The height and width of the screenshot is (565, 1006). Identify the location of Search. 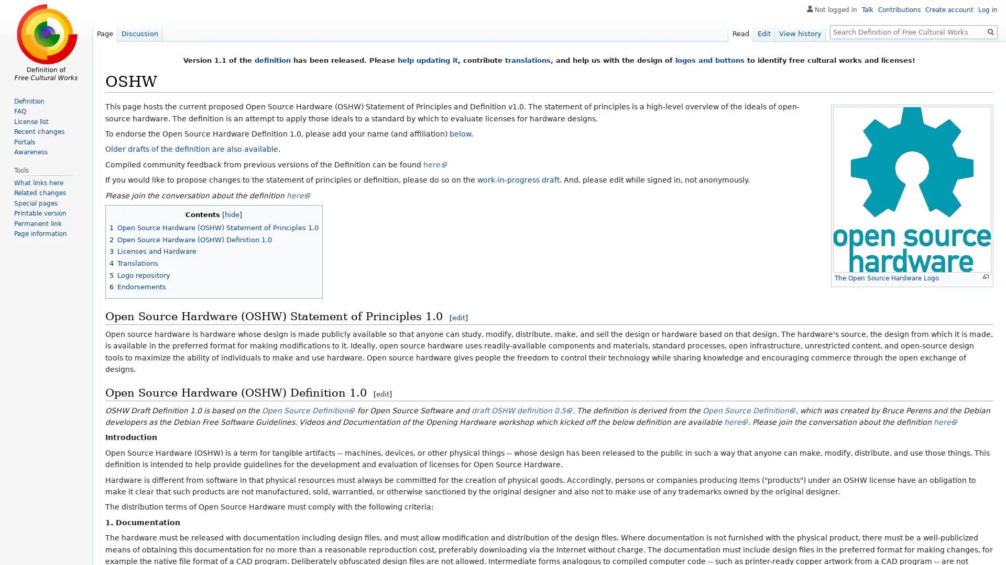
(990, 31).